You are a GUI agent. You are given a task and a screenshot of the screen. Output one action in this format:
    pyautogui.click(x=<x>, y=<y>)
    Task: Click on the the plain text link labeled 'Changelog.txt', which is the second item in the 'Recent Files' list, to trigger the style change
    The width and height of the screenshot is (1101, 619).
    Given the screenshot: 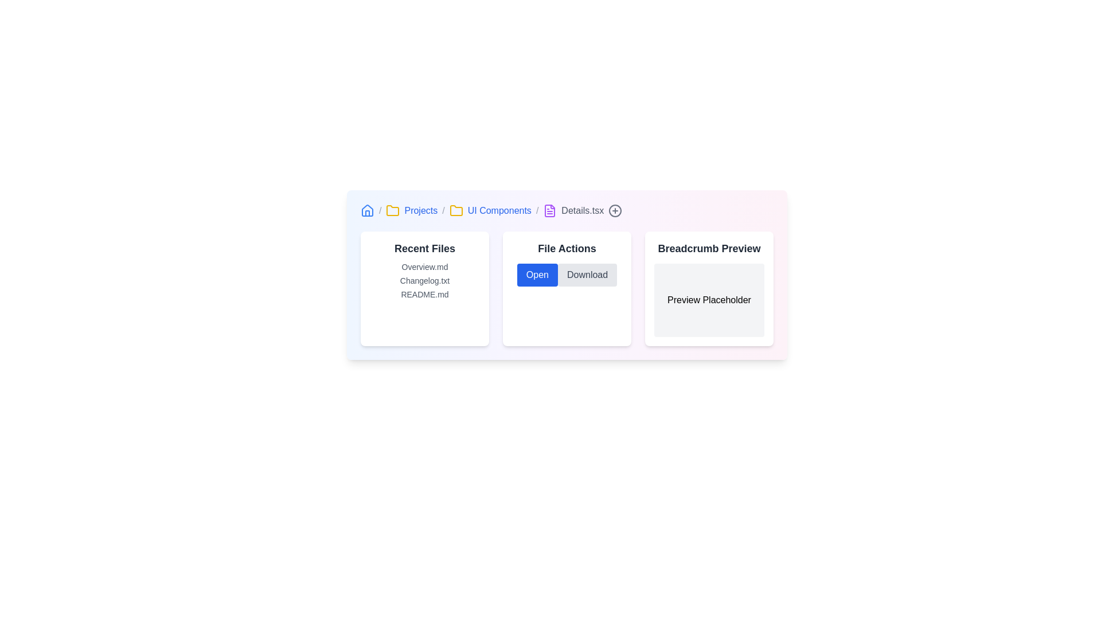 What is the action you would take?
    pyautogui.click(x=424, y=280)
    